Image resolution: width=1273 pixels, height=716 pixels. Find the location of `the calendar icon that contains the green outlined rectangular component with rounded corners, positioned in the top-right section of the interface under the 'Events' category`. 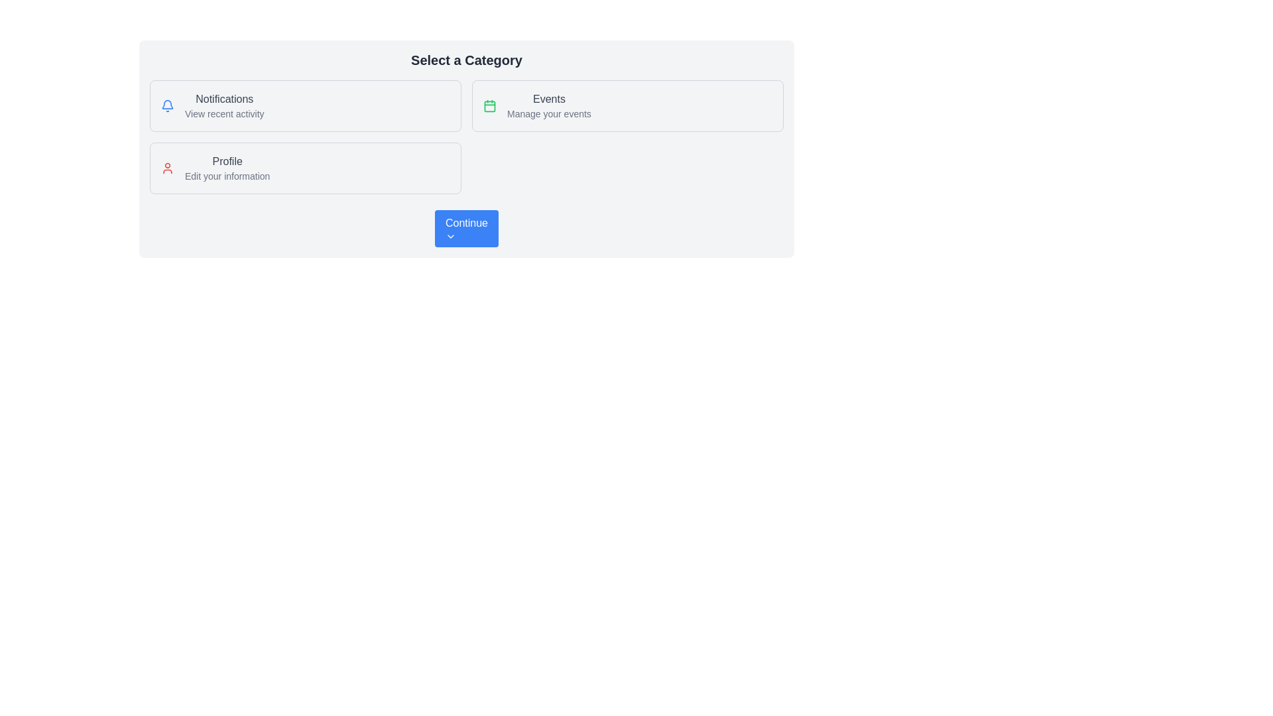

the calendar icon that contains the green outlined rectangular component with rounded corners, positioned in the top-right section of the interface under the 'Events' category is located at coordinates (489, 105).